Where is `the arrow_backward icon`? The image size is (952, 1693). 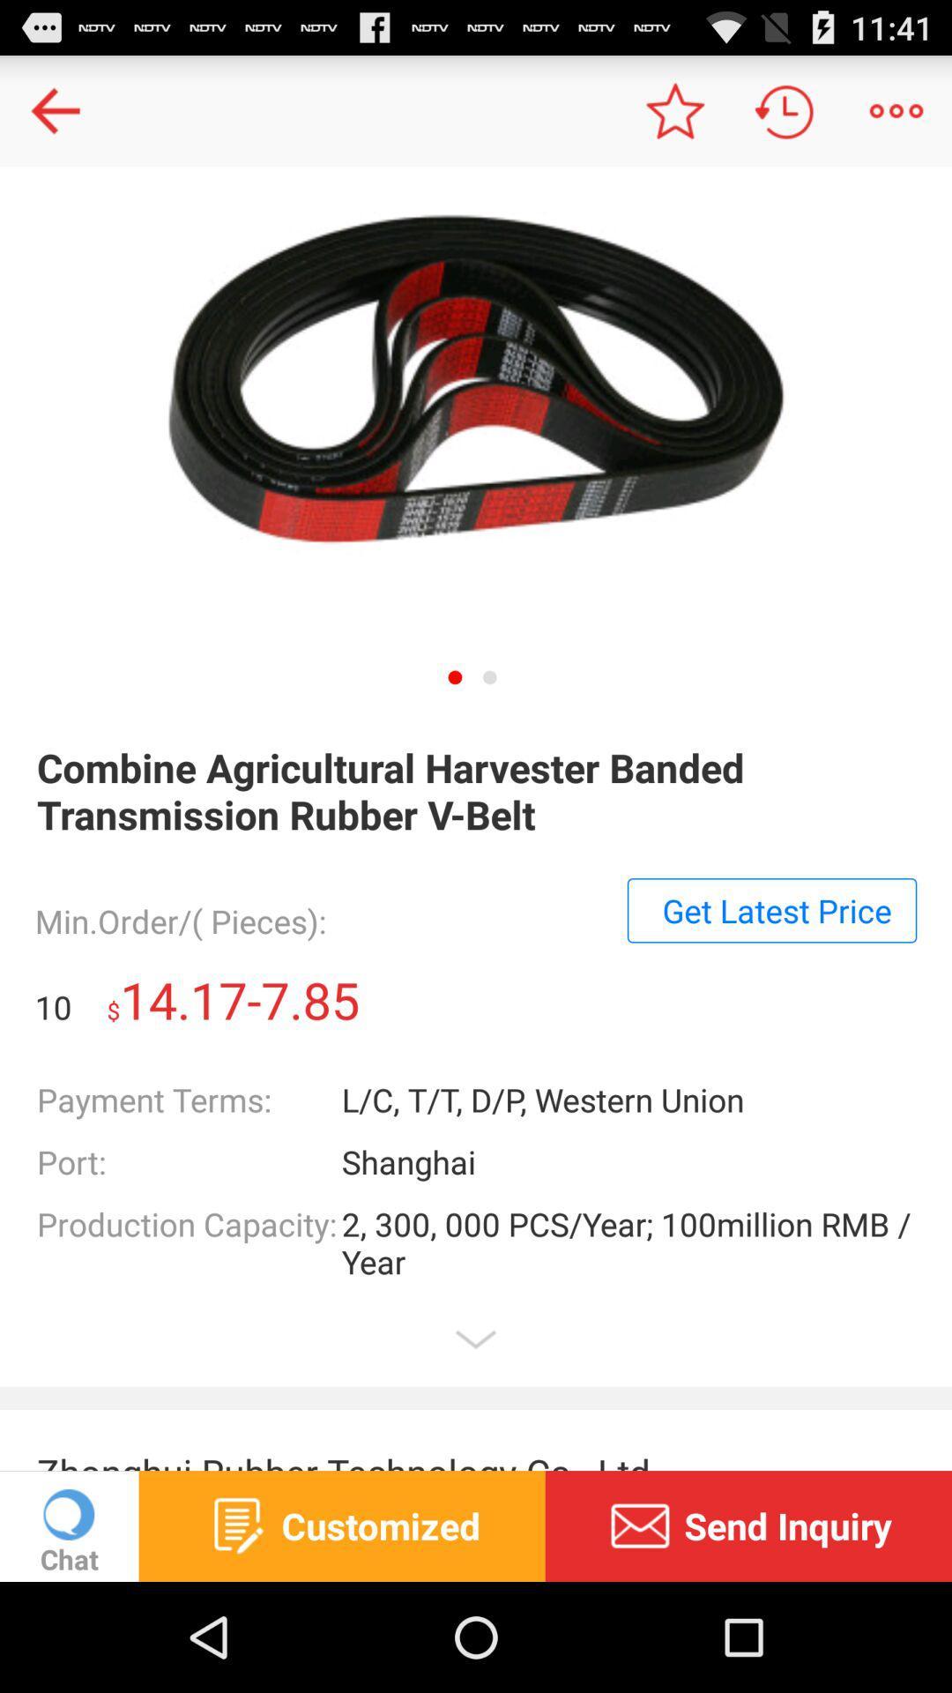 the arrow_backward icon is located at coordinates (54, 117).